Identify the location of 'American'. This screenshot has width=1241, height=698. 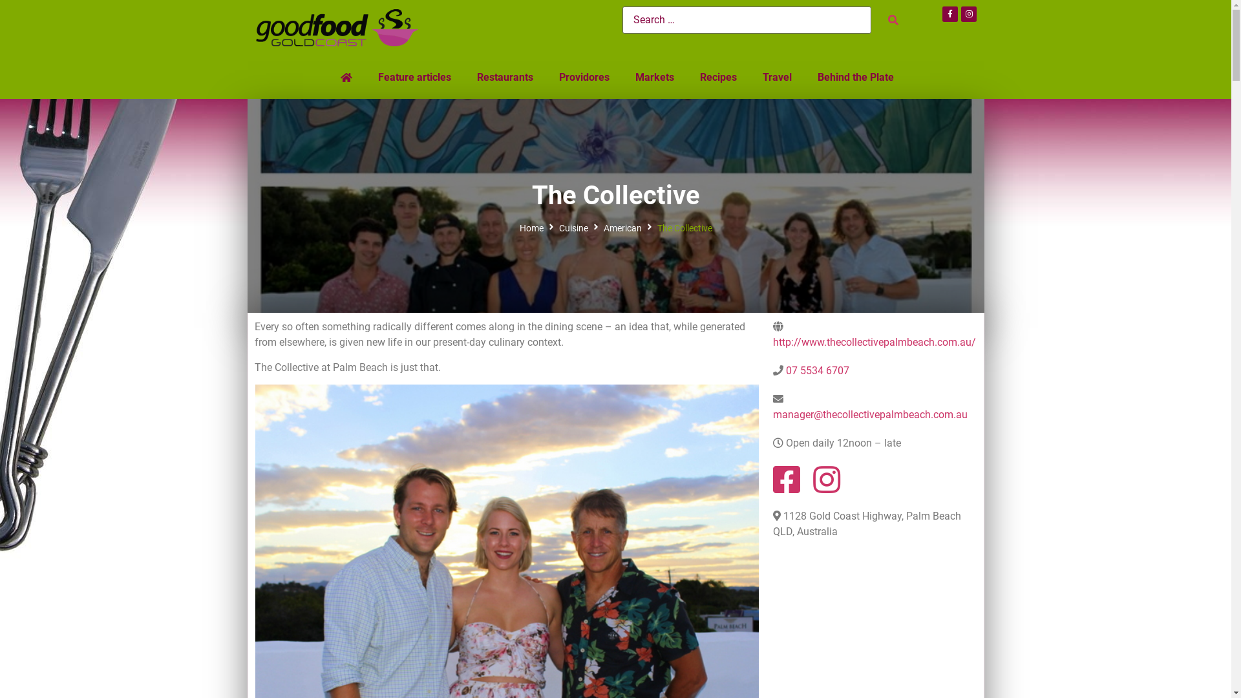
(603, 227).